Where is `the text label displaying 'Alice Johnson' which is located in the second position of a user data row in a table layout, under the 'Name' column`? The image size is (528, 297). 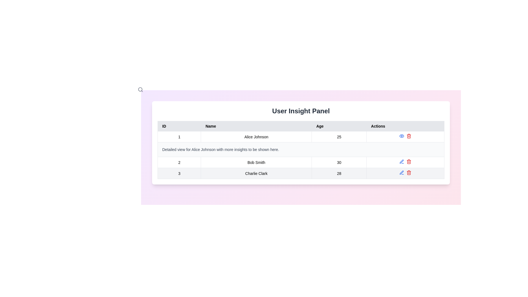
the text label displaying 'Alice Johnson' which is located in the second position of a user data row in a table layout, under the 'Name' column is located at coordinates (256, 136).